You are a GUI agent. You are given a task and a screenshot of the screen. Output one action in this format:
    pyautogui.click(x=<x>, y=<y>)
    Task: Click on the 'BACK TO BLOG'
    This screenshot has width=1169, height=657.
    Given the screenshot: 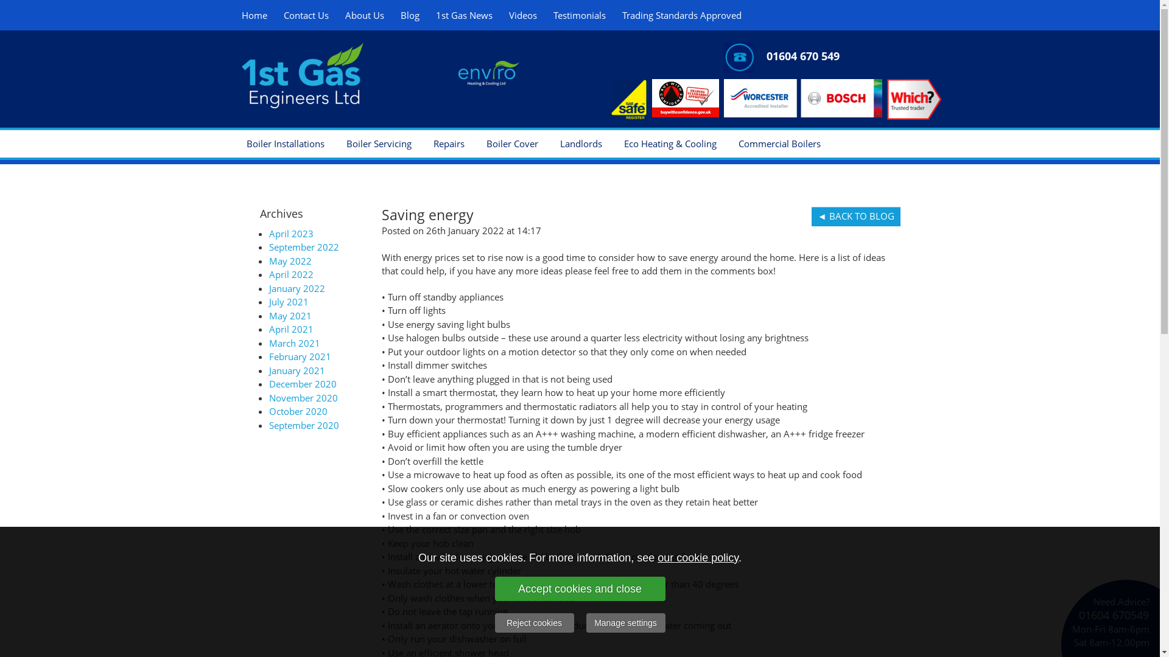 What is the action you would take?
    pyautogui.click(x=812, y=215)
    